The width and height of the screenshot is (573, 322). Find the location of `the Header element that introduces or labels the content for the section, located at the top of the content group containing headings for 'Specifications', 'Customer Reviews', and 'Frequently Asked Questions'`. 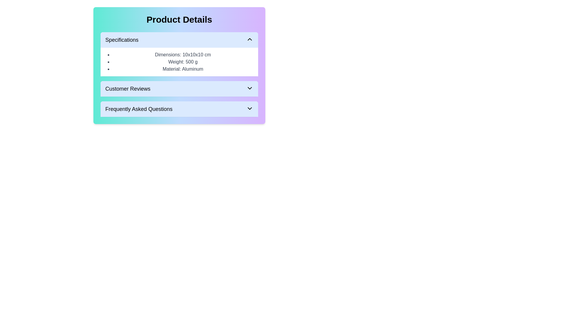

the Header element that introduces or labels the content for the section, located at the top of the content group containing headings for 'Specifications', 'Customer Reviews', and 'Frequently Asked Questions' is located at coordinates (179, 19).